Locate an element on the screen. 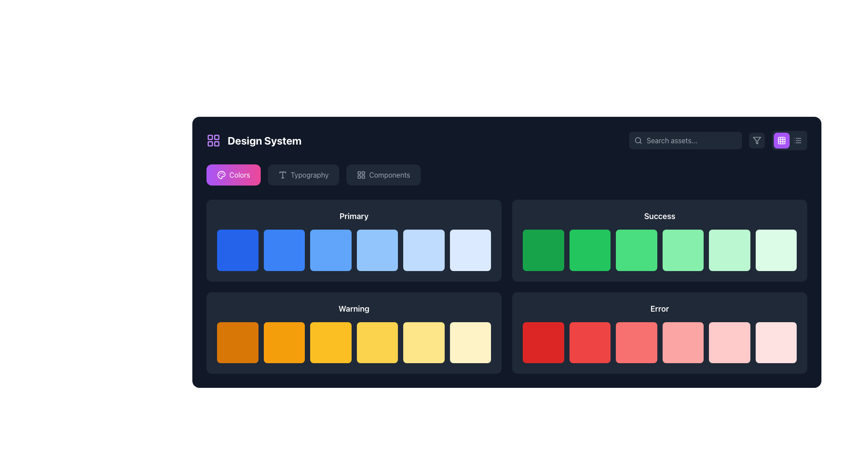 The image size is (847, 476). the third color swatch representing a shade of red in the 'Error' section is located at coordinates (660, 342).